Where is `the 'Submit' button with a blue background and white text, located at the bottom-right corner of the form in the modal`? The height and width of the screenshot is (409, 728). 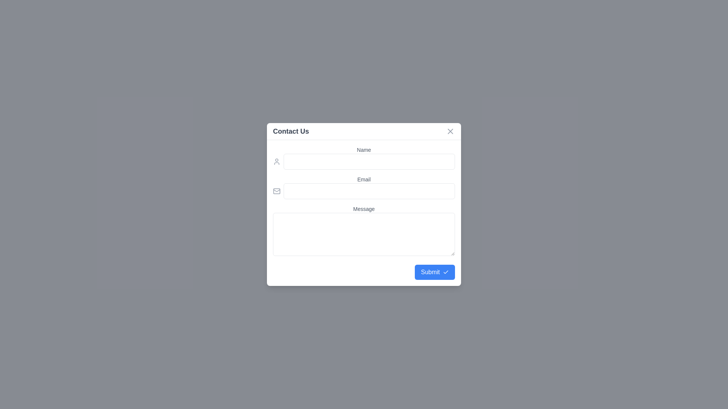 the 'Submit' button with a blue background and white text, located at the bottom-right corner of the form in the modal is located at coordinates (435, 272).